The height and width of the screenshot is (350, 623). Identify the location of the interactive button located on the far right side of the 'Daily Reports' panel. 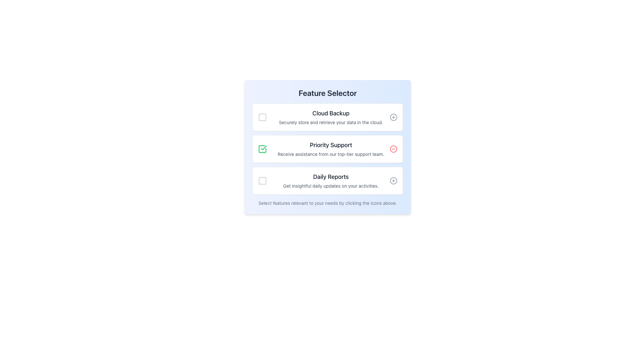
(393, 181).